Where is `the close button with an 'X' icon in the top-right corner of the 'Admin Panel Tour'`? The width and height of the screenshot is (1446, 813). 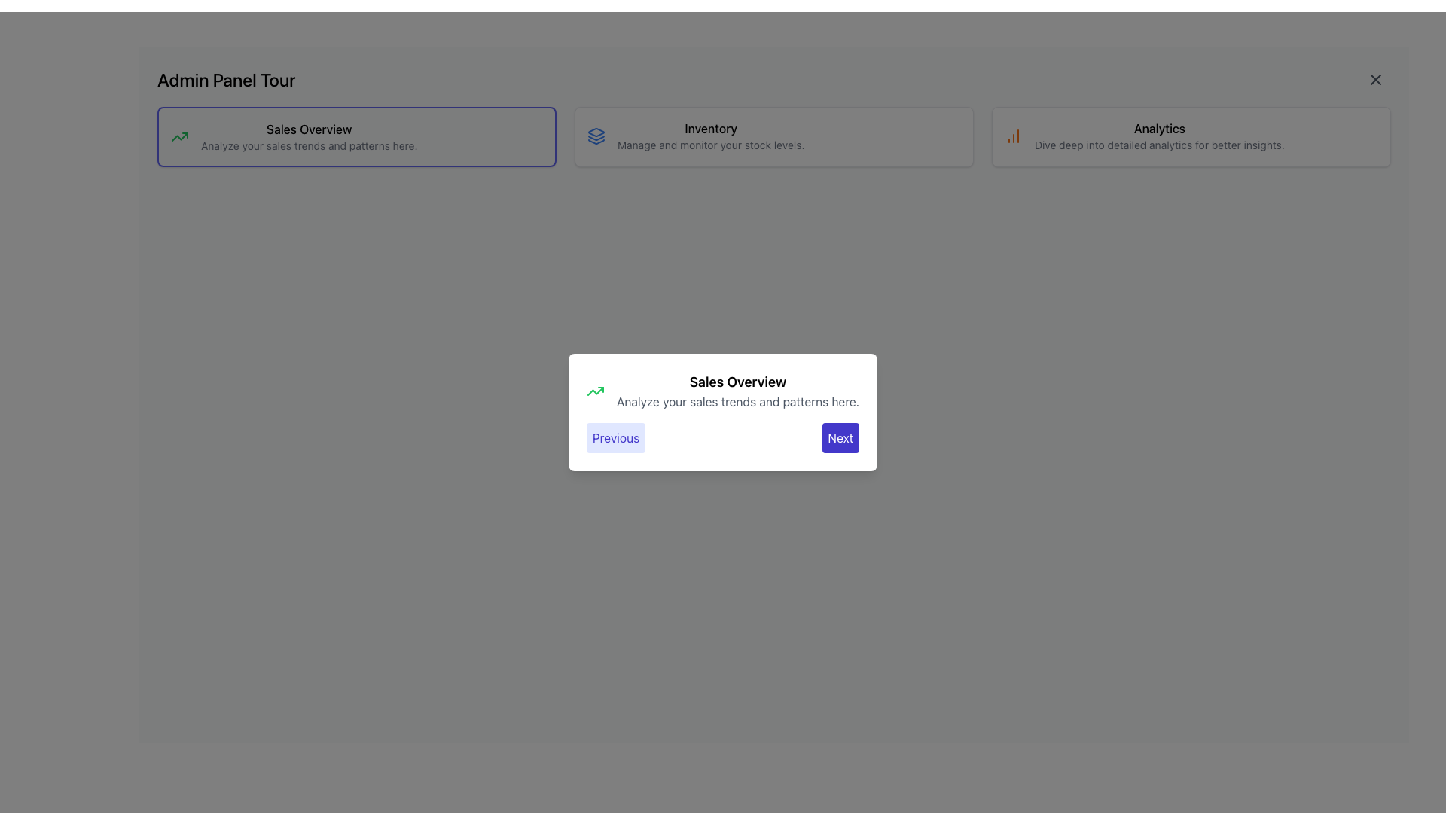
the close button with an 'X' icon in the top-right corner of the 'Admin Panel Tour' is located at coordinates (1376, 79).